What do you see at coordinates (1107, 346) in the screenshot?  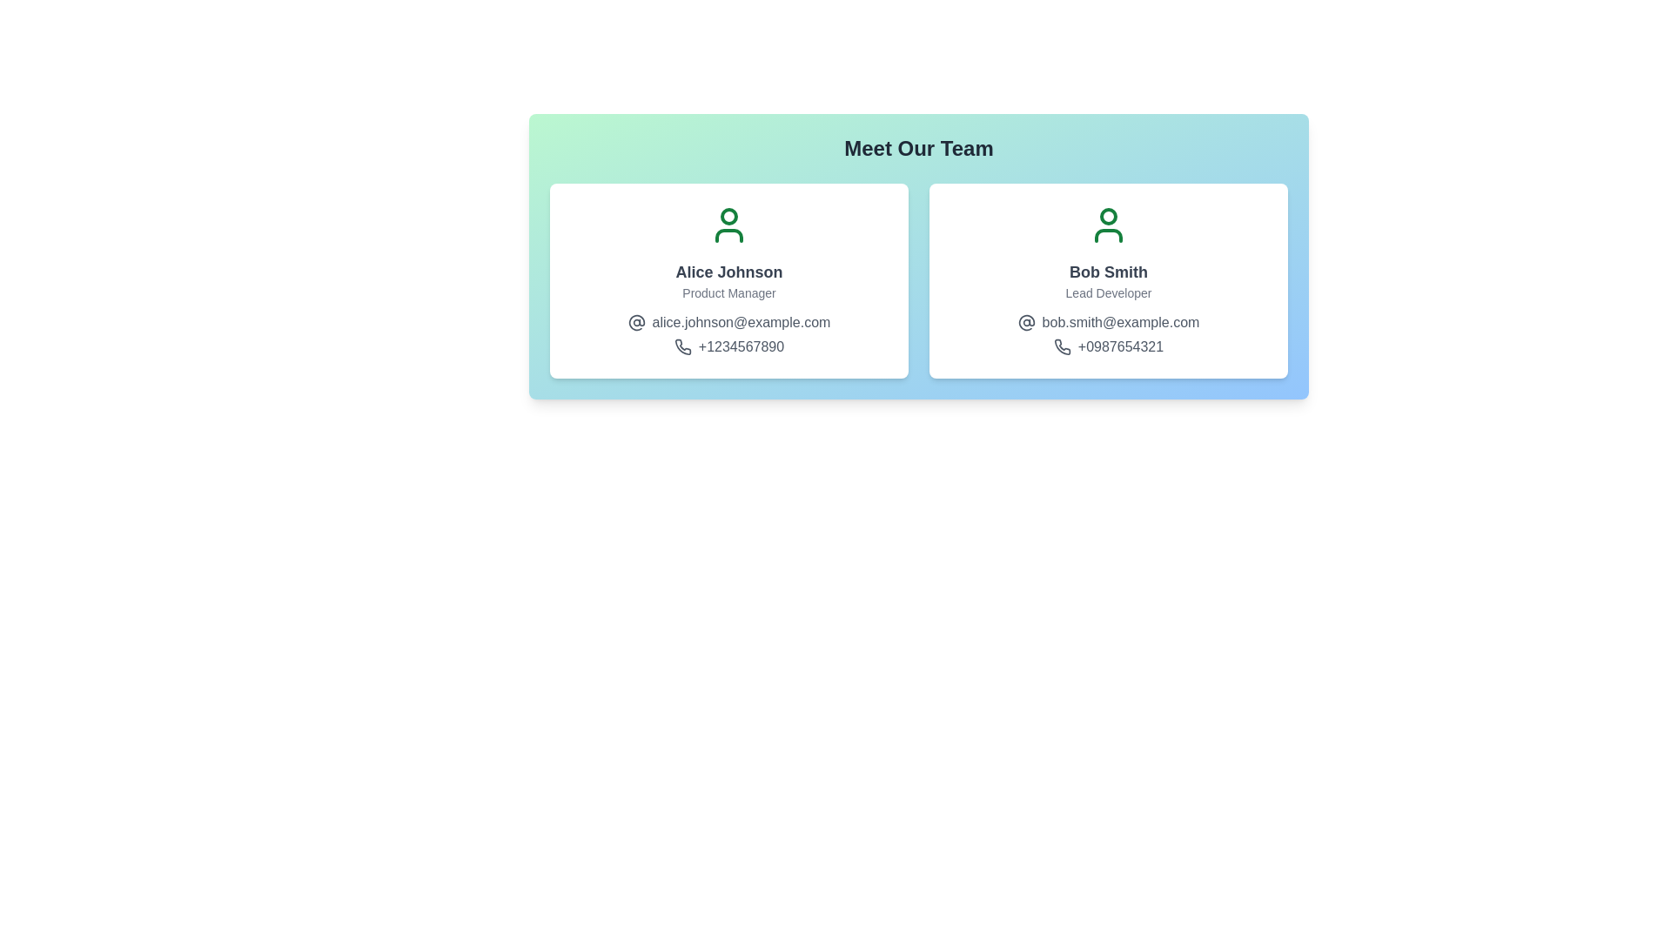 I see `the phone number text element '+0987654321' with the adjacent telephone icon, located within Bob Smith's contact details card` at bounding box center [1107, 346].